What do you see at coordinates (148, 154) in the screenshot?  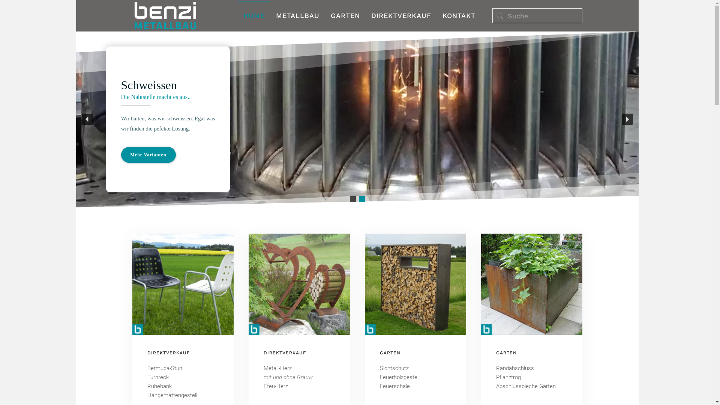 I see `'Mehr Varianten'` at bounding box center [148, 154].